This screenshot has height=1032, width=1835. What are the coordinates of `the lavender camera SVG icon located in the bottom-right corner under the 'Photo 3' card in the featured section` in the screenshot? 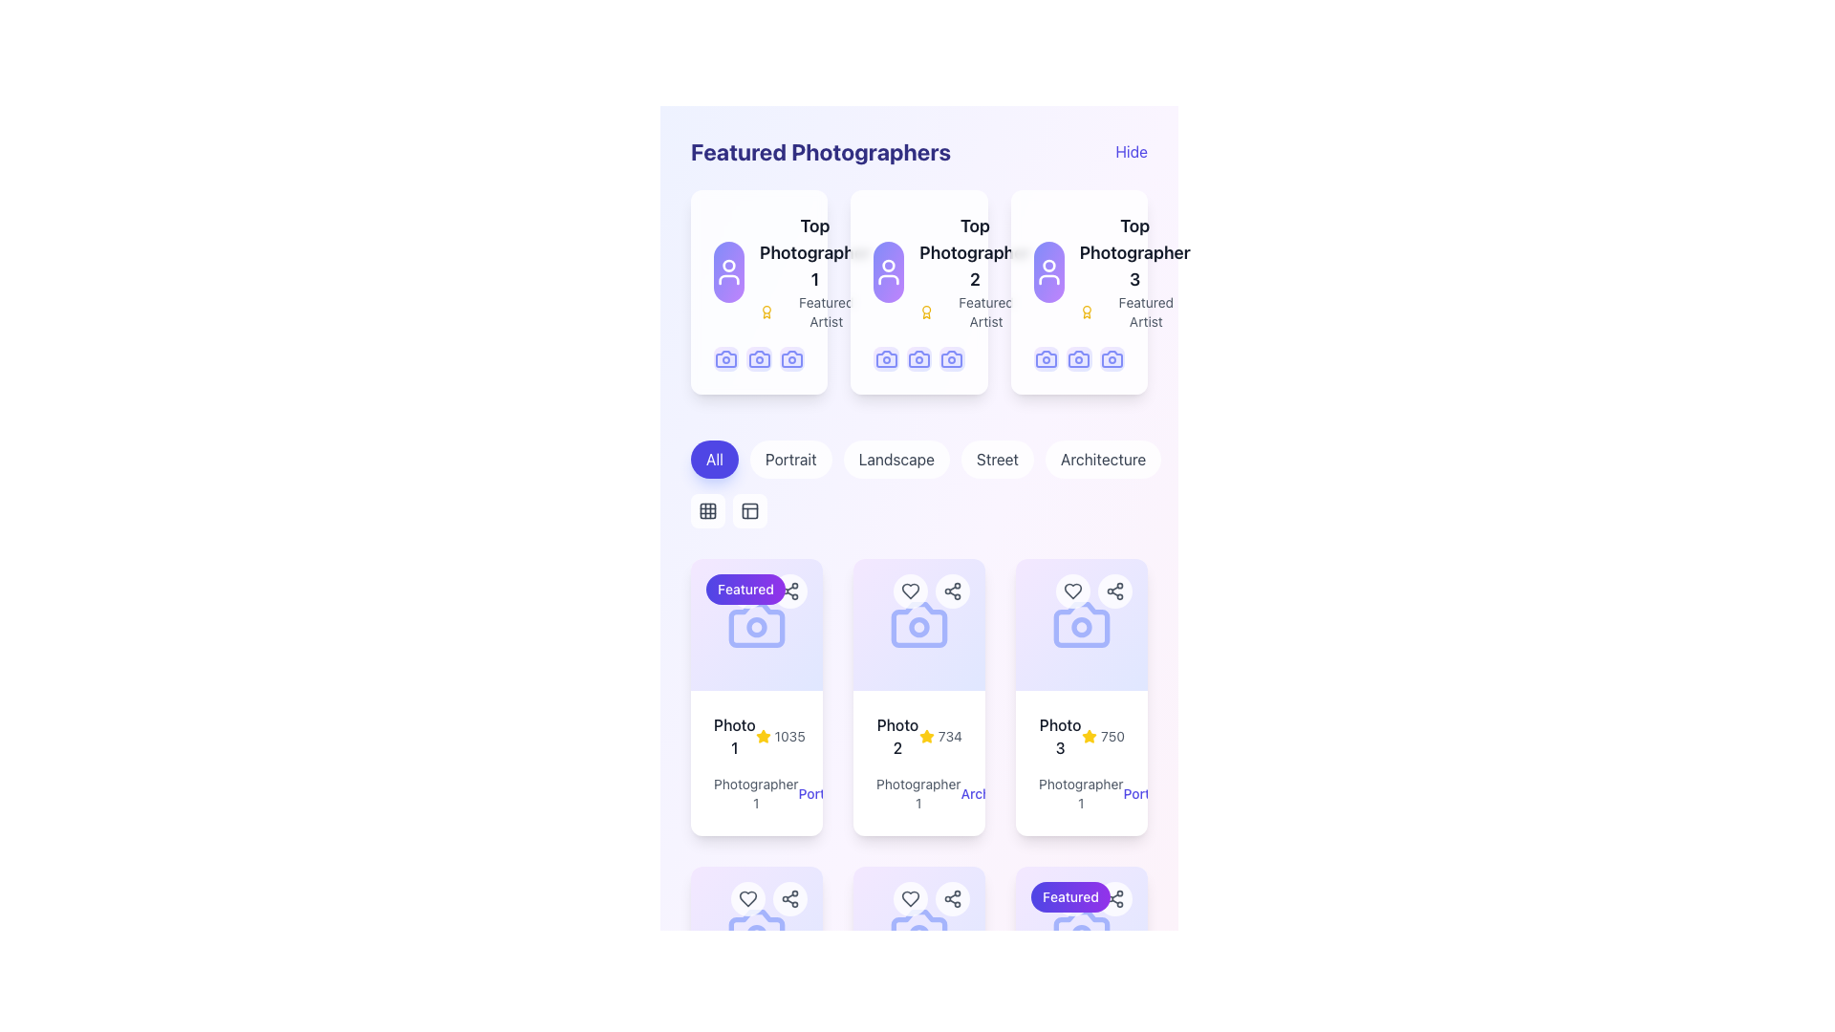 It's located at (1082, 931).